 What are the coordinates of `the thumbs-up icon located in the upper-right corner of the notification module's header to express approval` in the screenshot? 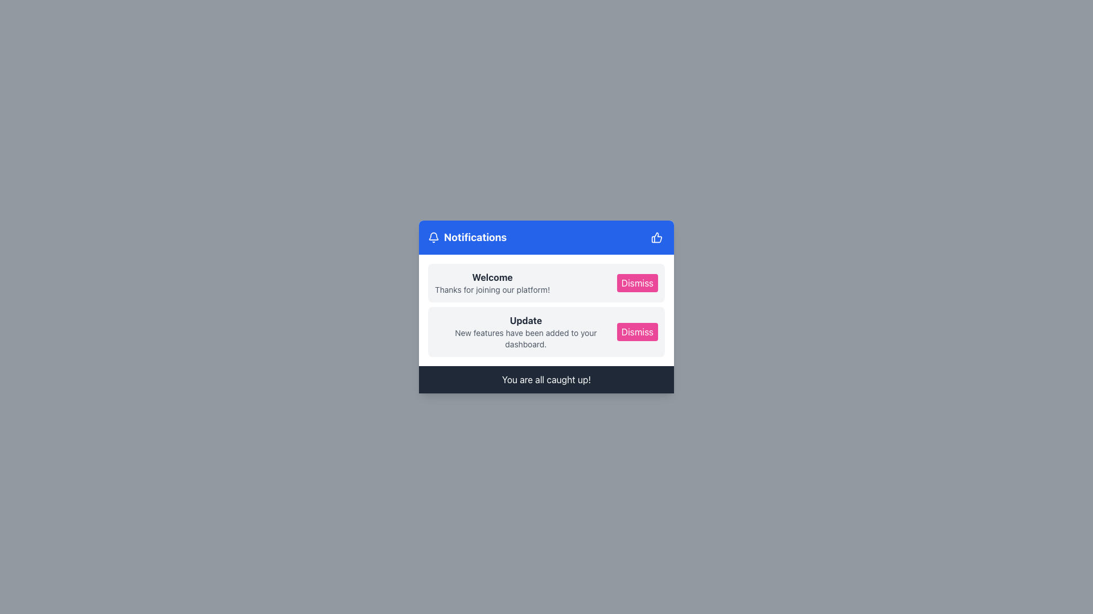 It's located at (656, 237).